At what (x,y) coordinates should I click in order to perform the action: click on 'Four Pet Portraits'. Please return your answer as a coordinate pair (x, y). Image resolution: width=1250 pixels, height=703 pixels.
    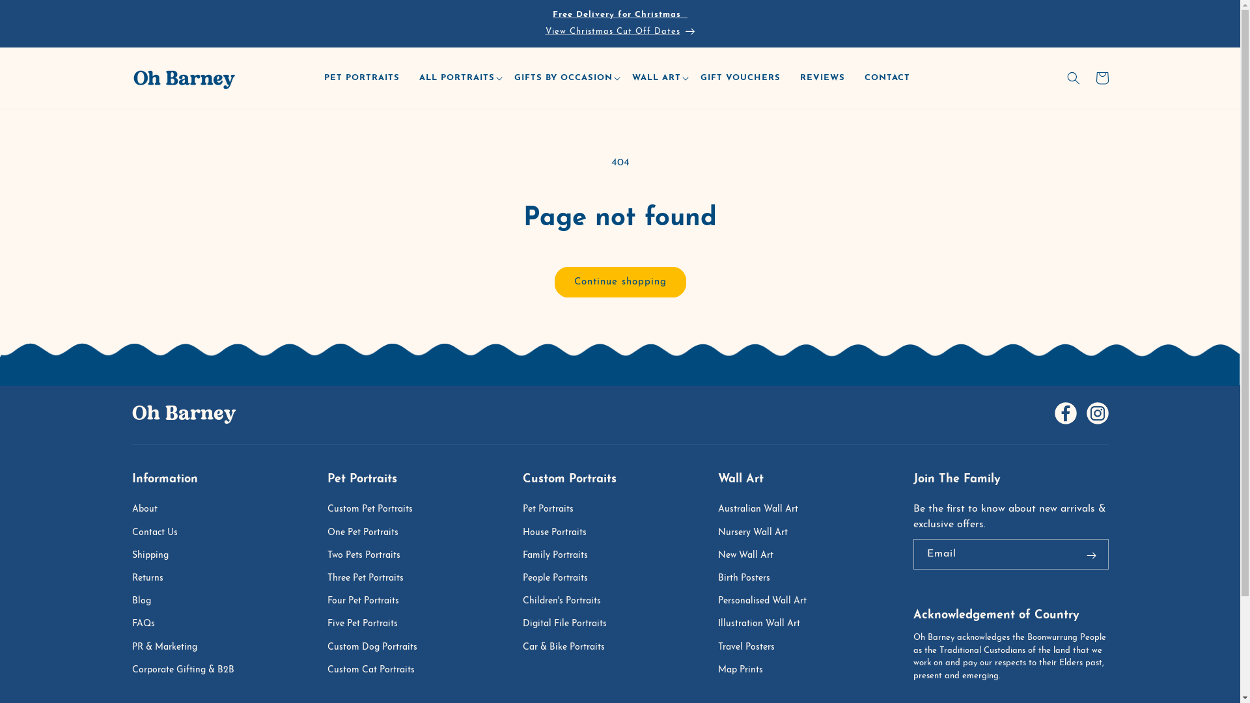
    Looking at the image, I should click on (368, 601).